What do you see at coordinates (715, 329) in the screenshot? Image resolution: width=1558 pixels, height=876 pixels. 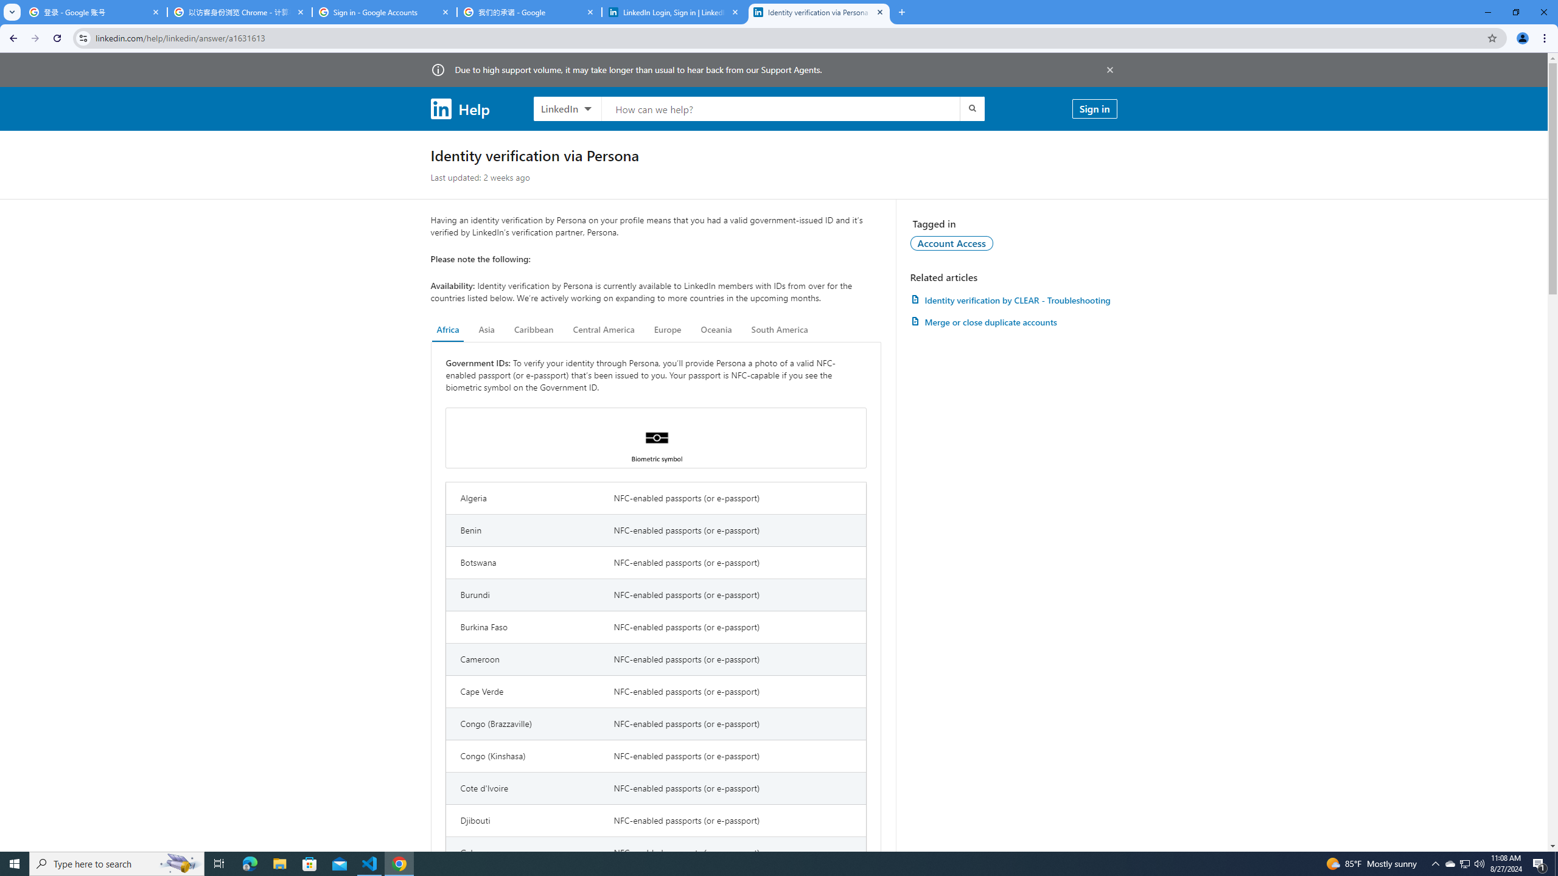 I see `'Oceania'` at bounding box center [715, 329].